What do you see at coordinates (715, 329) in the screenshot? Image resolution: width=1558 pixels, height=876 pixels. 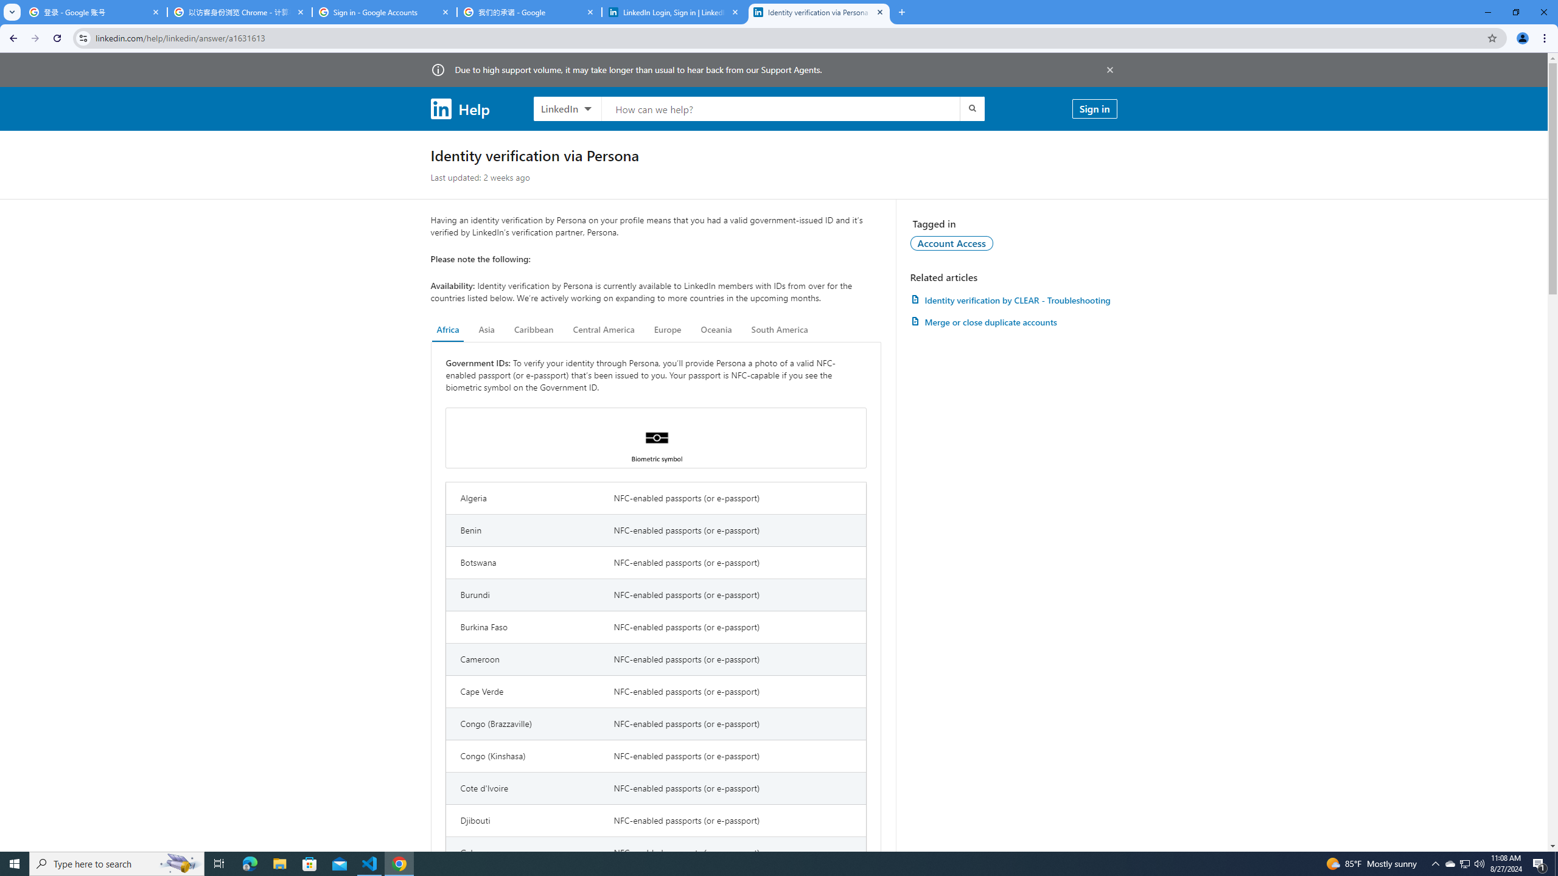 I see `'Oceania'` at bounding box center [715, 329].